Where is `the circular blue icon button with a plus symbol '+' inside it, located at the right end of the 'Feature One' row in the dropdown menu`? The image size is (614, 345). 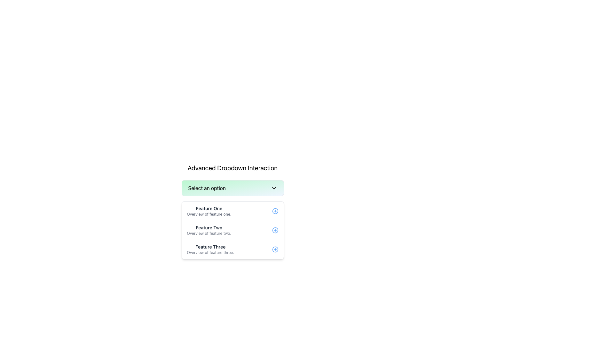
the circular blue icon button with a plus symbol '+' inside it, located at the right end of the 'Feature One' row in the dropdown menu is located at coordinates (275, 211).